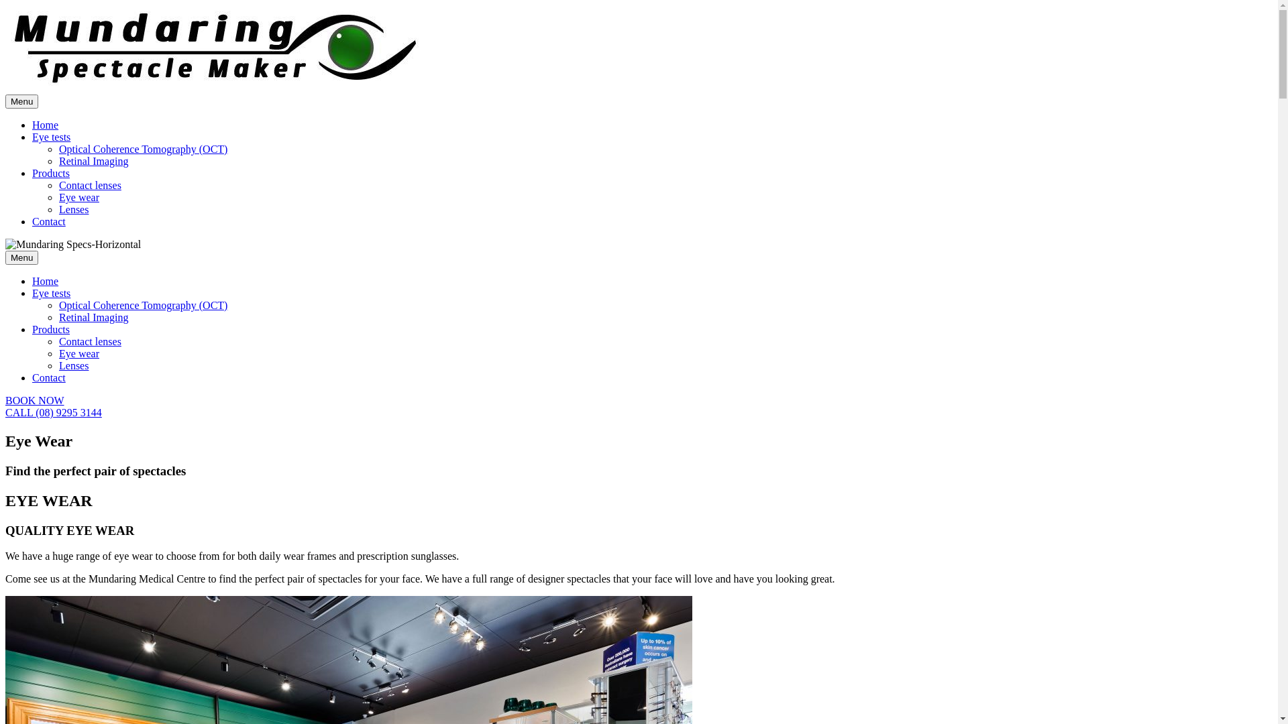 The image size is (1288, 724). What do you see at coordinates (51, 137) in the screenshot?
I see `'Eye tests'` at bounding box center [51, 137].